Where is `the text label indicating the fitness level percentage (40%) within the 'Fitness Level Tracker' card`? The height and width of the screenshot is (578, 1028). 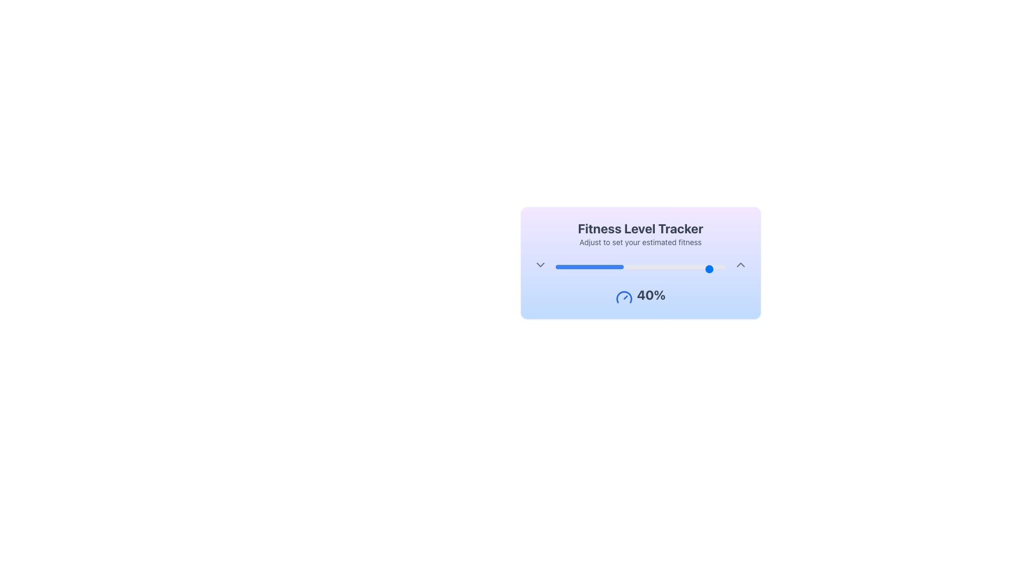 the text label indicating the fitness level percentage (40%) within the 'Fitness Level Tracker' card is located at coordinates (640, 296).